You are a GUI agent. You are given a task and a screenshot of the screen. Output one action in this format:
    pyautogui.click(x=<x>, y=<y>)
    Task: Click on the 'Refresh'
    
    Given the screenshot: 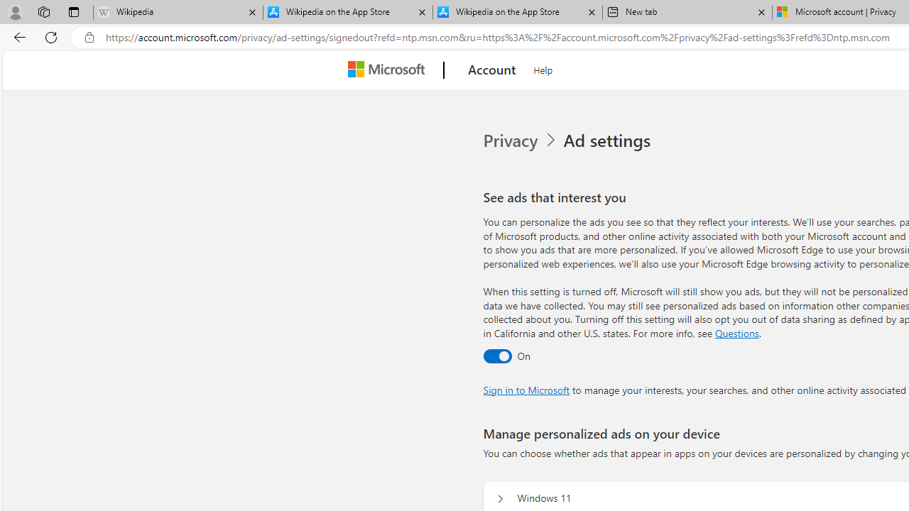 What is the action you would take?
    pyautogui.click(x=51, y=36)
    